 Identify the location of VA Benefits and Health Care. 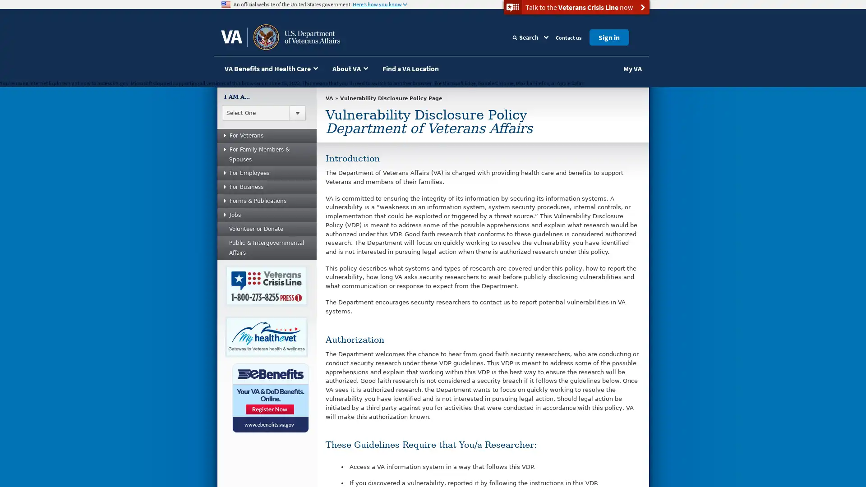
(270, 67).